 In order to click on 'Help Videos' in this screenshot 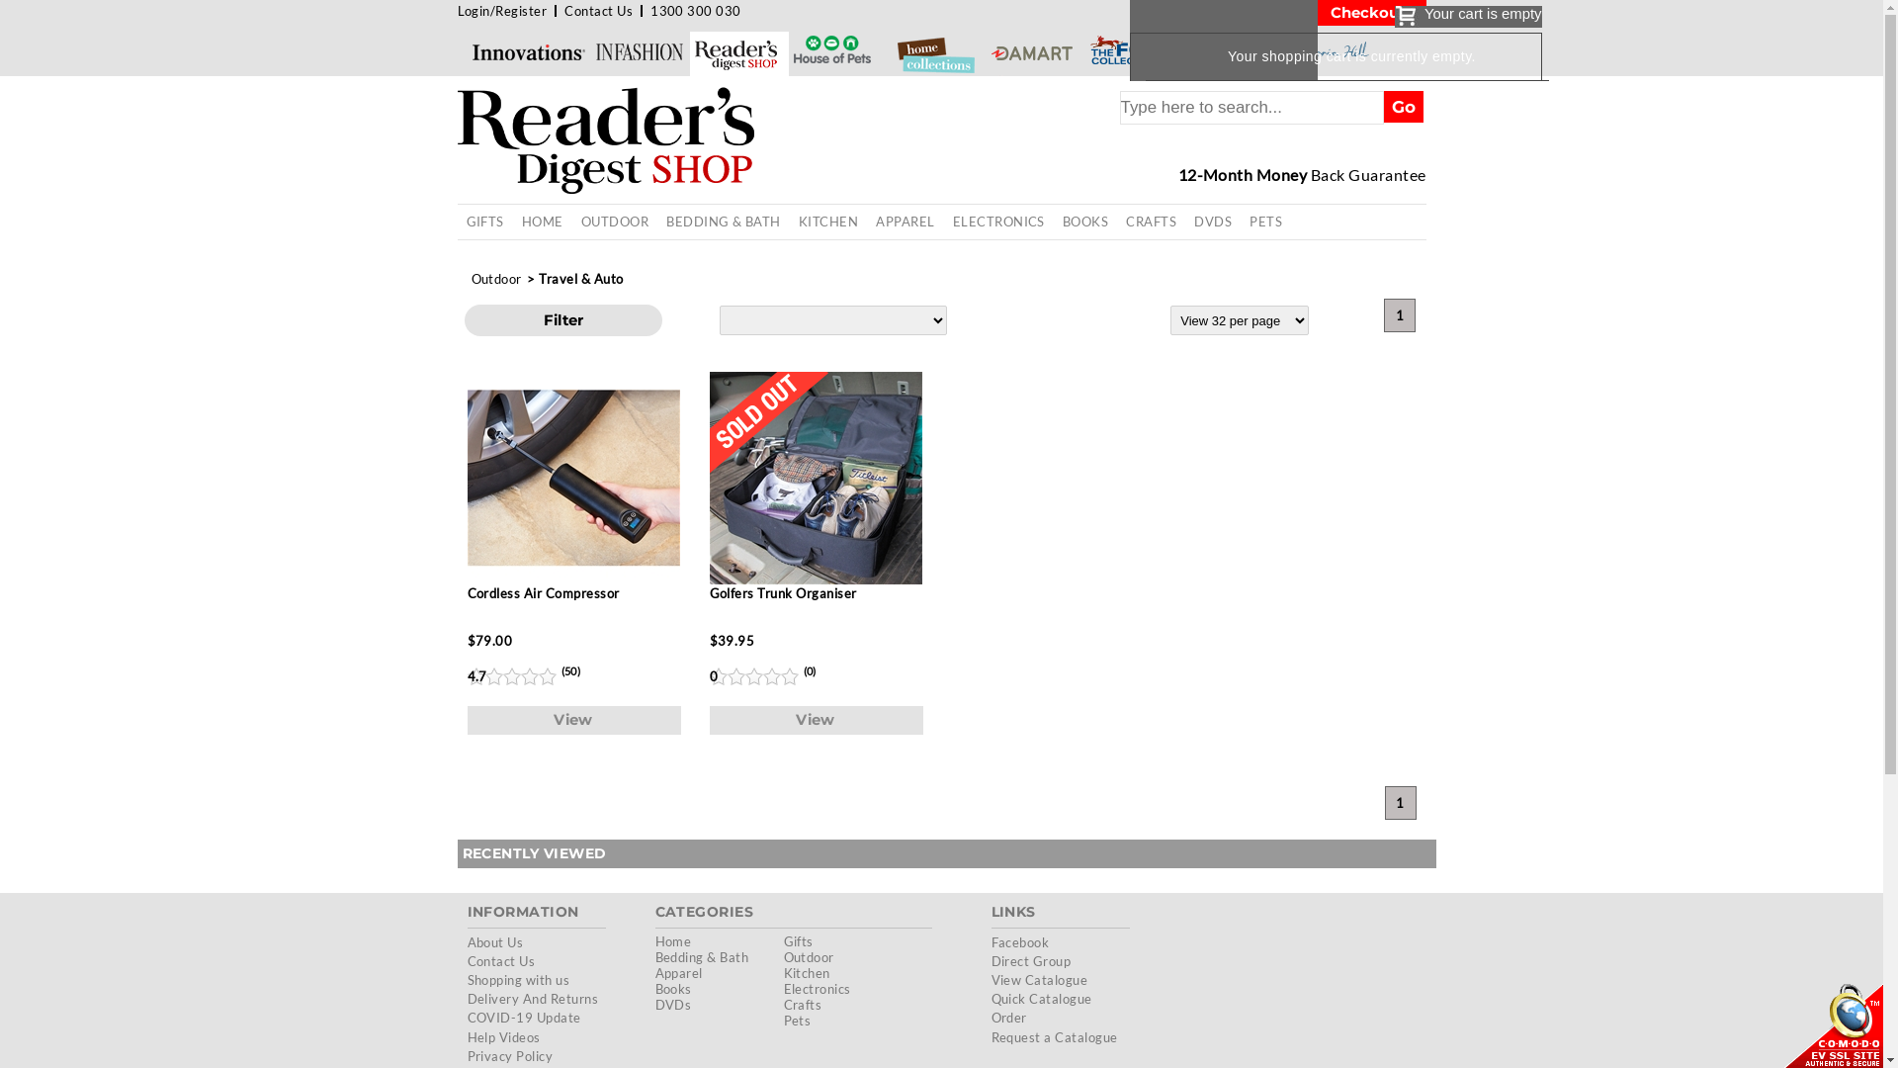, I will do `click(502, 1036)`.